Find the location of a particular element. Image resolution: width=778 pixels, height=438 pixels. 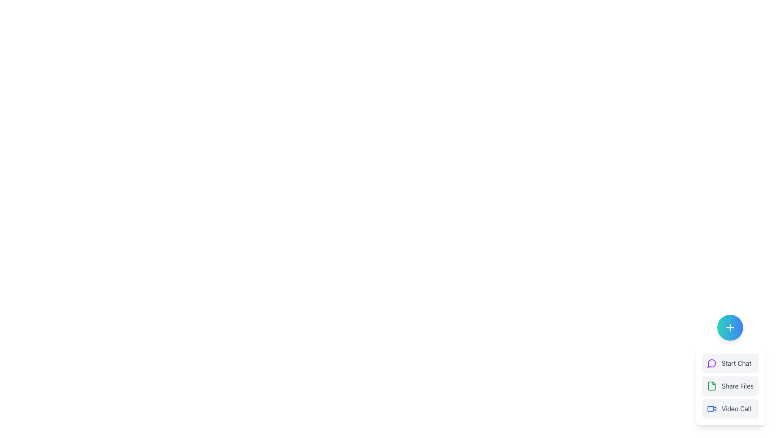

the 'Share Files' button located in the bottom right corner of the interface, which contains the 'Share Files' icon to the left of the text label is located at coordinates (711, 386).